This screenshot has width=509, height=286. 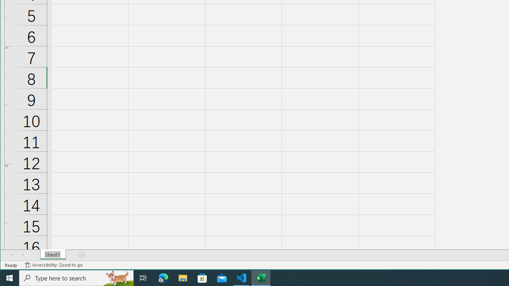 I want to click on 'Accessibility Checker Accessibility: Good to go', so click(x=53, y=265).